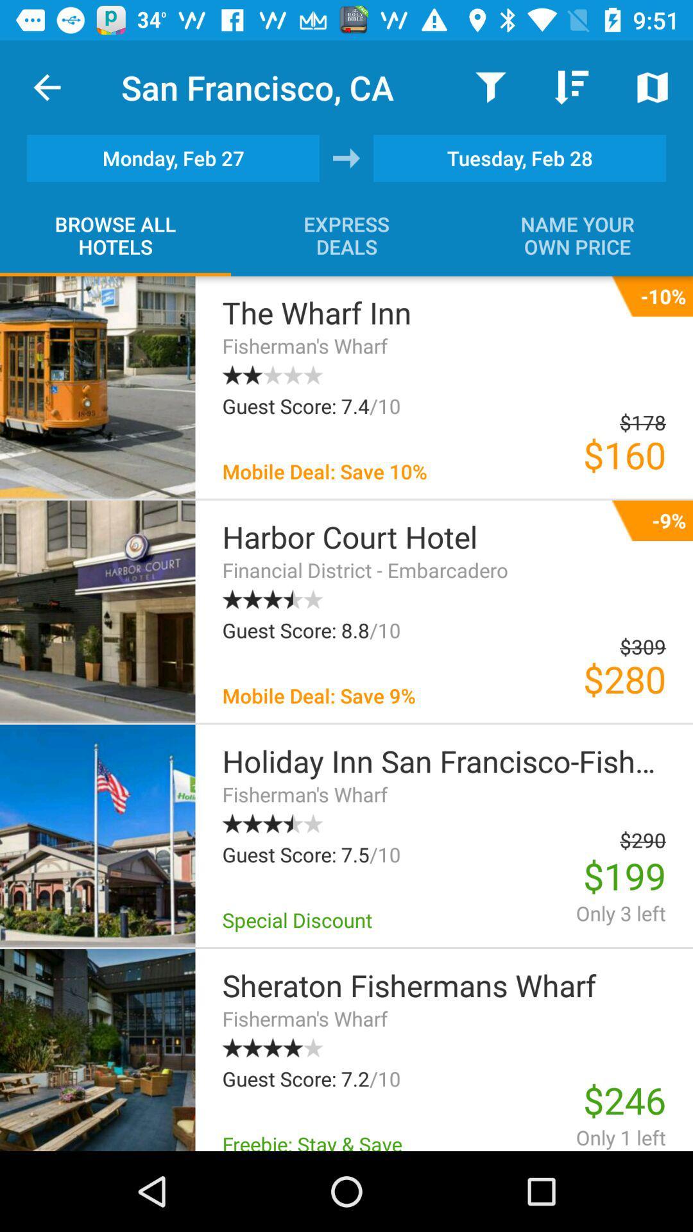  Describe the element at coordinates (653, 87) in the screenshot. I see `item above tuesday, feb 28 icon` at that location.